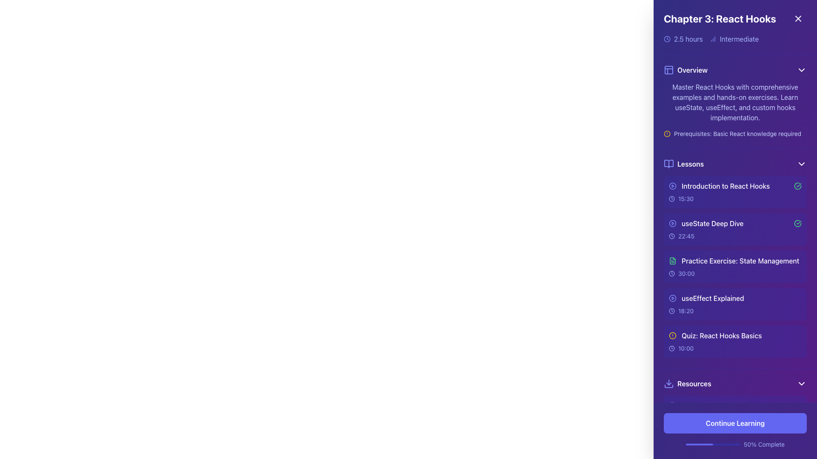 The image size is (817, 459). What do you see at coordinates (735, 431) in the screenshot?
I see `the 'Download ZIP' button located in the 'Resources' section of the sidebar to observe a background color change` at bounding box center [735, 431].